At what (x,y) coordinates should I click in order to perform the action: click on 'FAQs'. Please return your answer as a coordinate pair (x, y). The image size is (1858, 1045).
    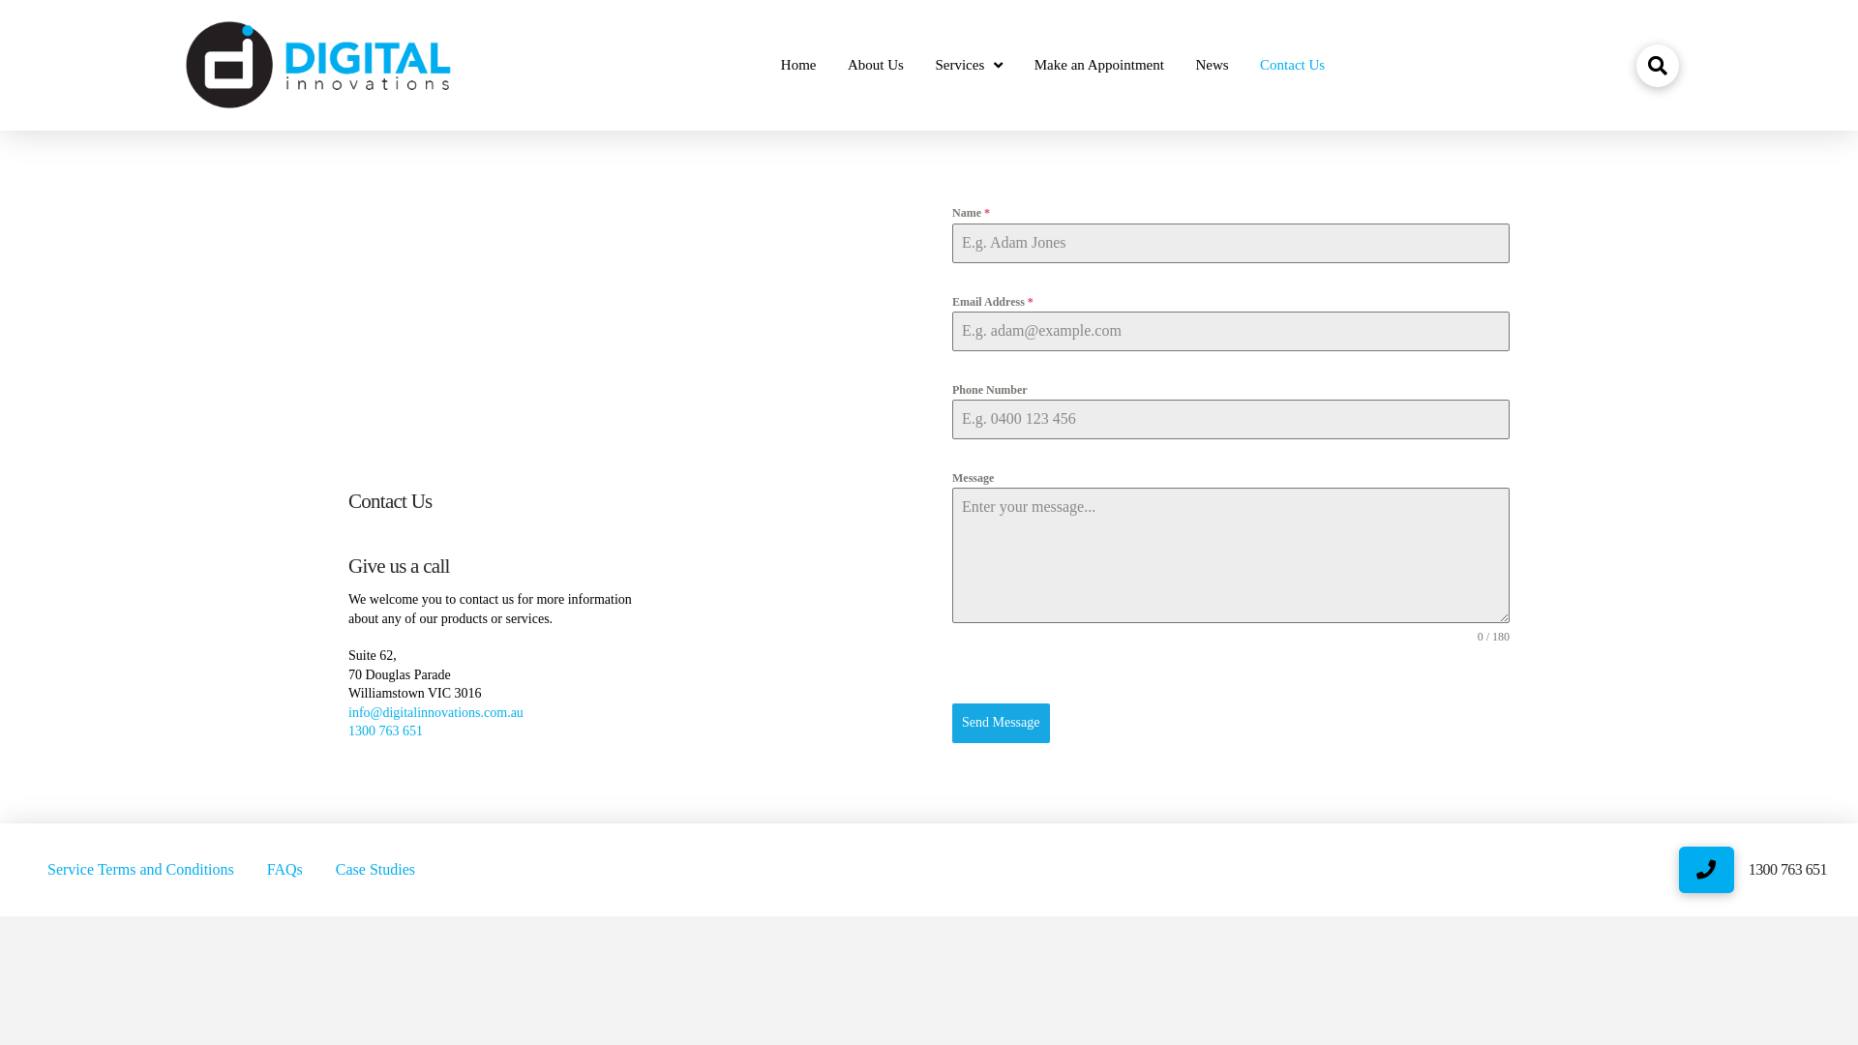
    Looking at the image, I should click on (250, 868).